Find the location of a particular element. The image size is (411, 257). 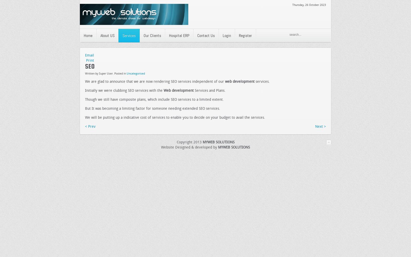

'Services' is located at coordinates (129, 36).